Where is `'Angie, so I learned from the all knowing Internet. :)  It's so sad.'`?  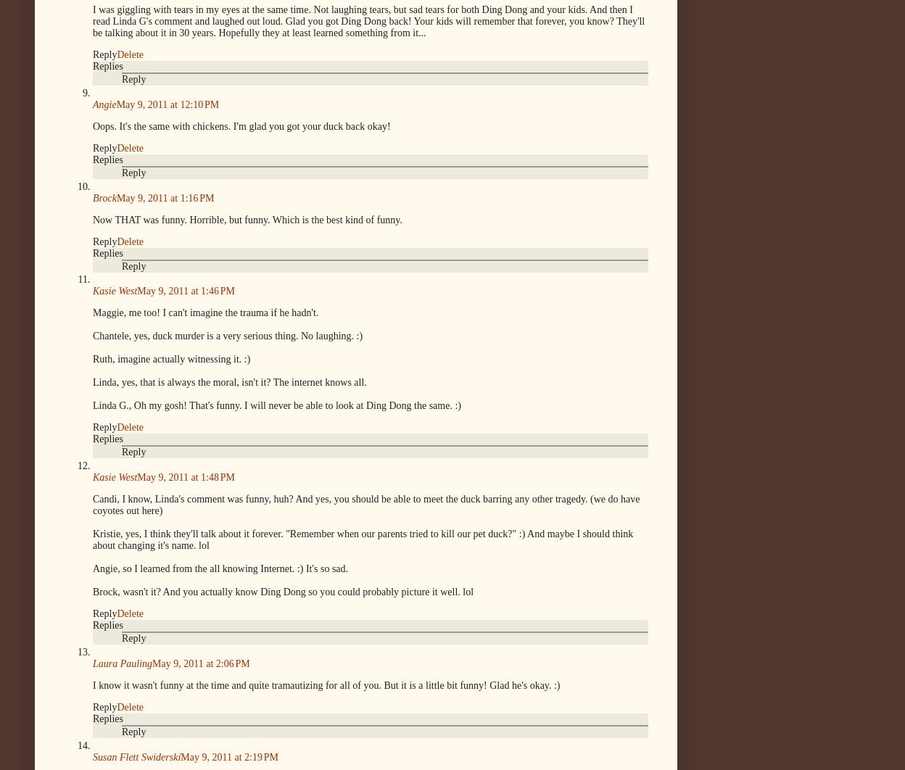
'Angie, so I learned from the all knowing Internet. :)  It's so sad.' is located at coordinates (220, 568).